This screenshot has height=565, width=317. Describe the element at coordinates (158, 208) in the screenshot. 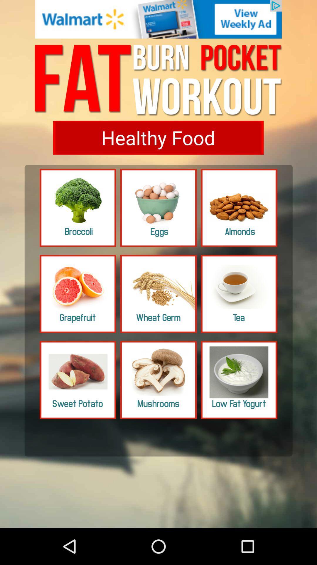

I see `click eggs icon` at that location.